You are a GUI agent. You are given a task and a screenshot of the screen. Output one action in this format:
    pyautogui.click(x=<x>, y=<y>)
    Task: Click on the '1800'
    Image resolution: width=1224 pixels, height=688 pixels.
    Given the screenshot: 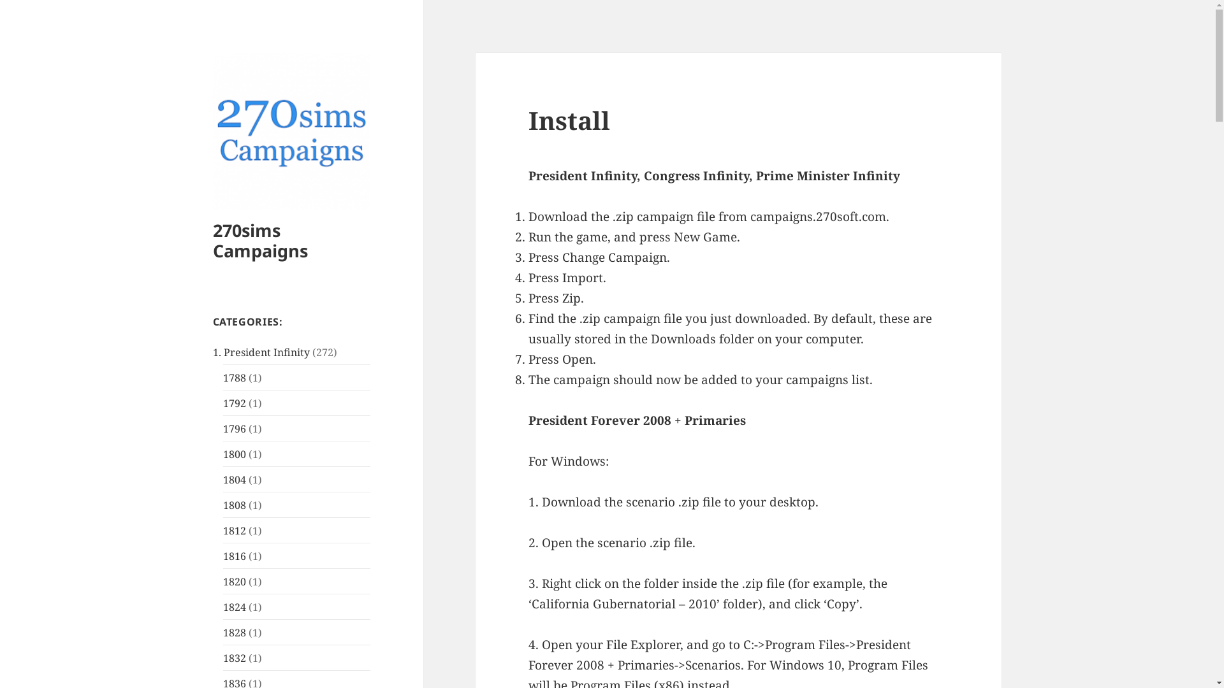 What is the action you would take?
    pyautogui.click(x=235, y=454)
    